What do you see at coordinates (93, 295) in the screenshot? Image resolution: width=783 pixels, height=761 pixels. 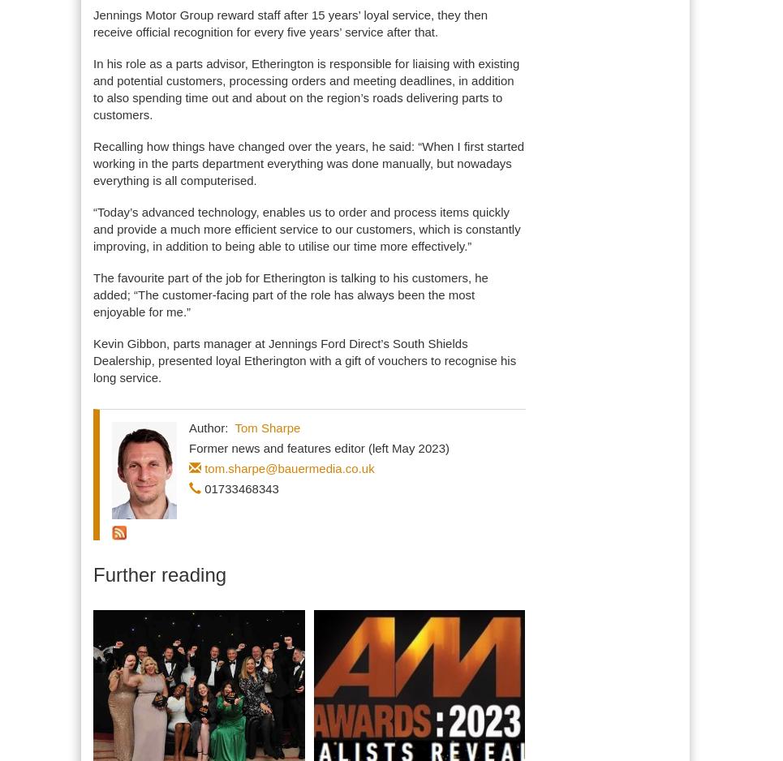 I see `'The favourite part of the job for Etherington is talking to his customers, he added; “The customer-facing part of the role has always been the most enjoyable for me.”'` at bounding box center [93, 295].